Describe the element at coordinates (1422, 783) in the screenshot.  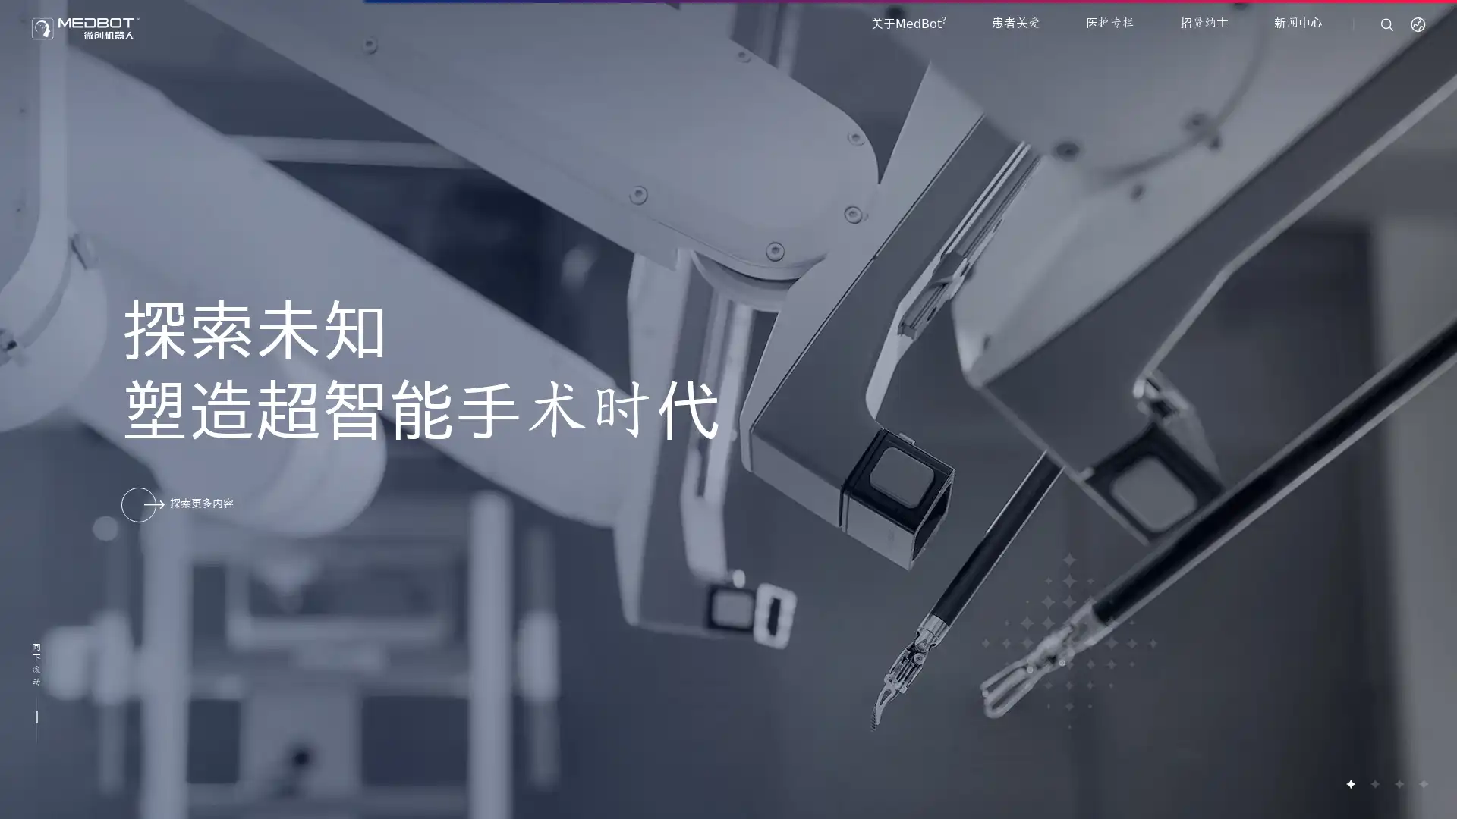
I see `Go to slide 4` at that location.